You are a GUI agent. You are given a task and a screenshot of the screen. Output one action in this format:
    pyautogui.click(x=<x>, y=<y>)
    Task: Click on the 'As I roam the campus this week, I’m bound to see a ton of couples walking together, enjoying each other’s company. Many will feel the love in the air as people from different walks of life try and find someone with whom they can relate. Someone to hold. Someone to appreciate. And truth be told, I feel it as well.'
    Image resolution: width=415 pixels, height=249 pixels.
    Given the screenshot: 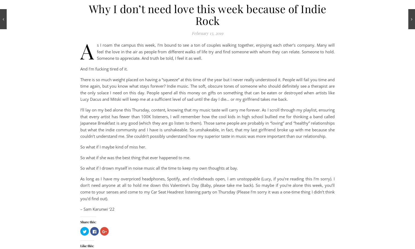 What is the action you would take?
    pyautogui.click(x=80, y=50)
    